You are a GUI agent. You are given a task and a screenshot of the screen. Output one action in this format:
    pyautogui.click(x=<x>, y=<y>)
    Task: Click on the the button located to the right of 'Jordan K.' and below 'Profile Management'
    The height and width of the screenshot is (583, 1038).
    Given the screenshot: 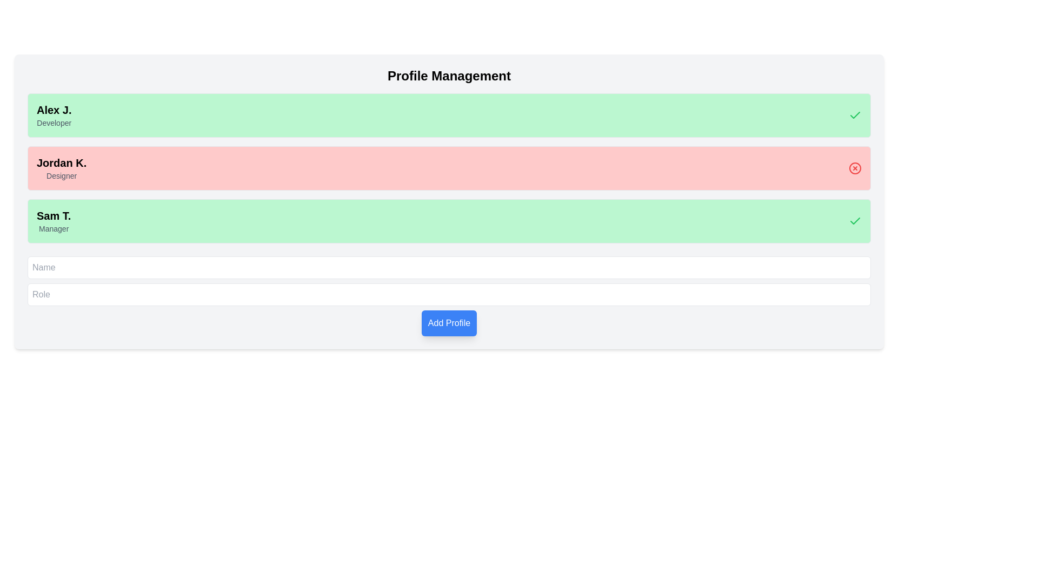 What is the action you would take?
    pyautogui.click(x=855, y=168)
    